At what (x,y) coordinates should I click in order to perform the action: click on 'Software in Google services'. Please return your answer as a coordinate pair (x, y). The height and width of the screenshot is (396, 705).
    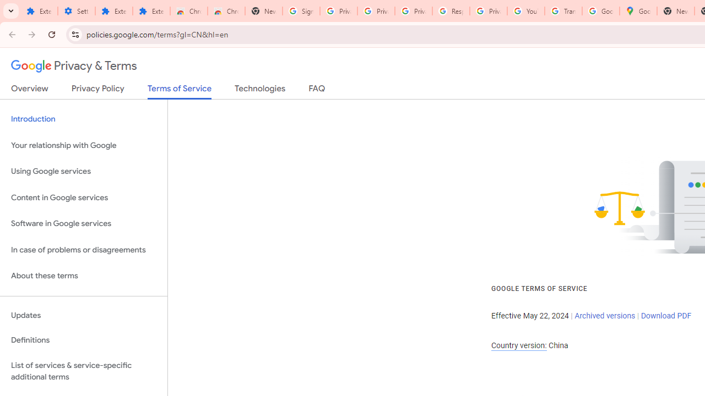
    Looking at the image, I should click on (83, 223).